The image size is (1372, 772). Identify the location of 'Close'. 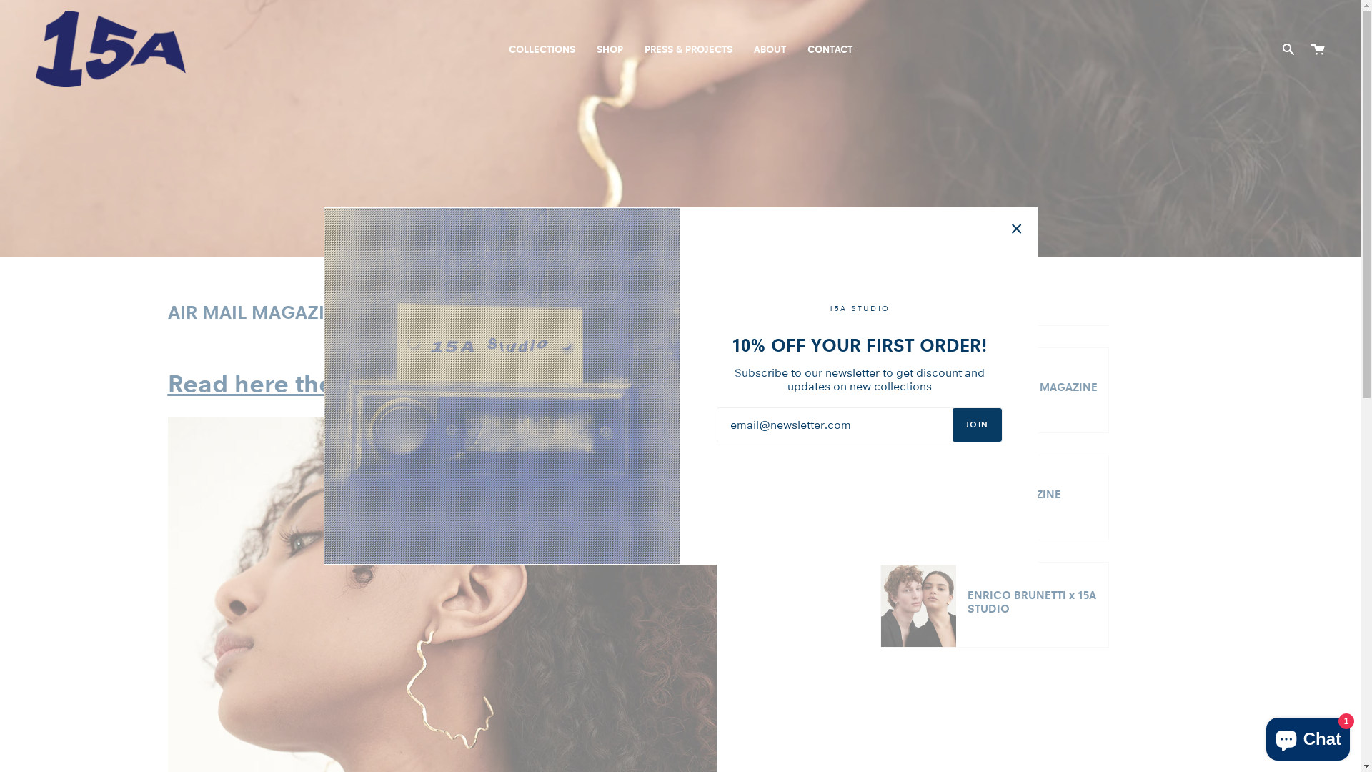
(1015, 228).